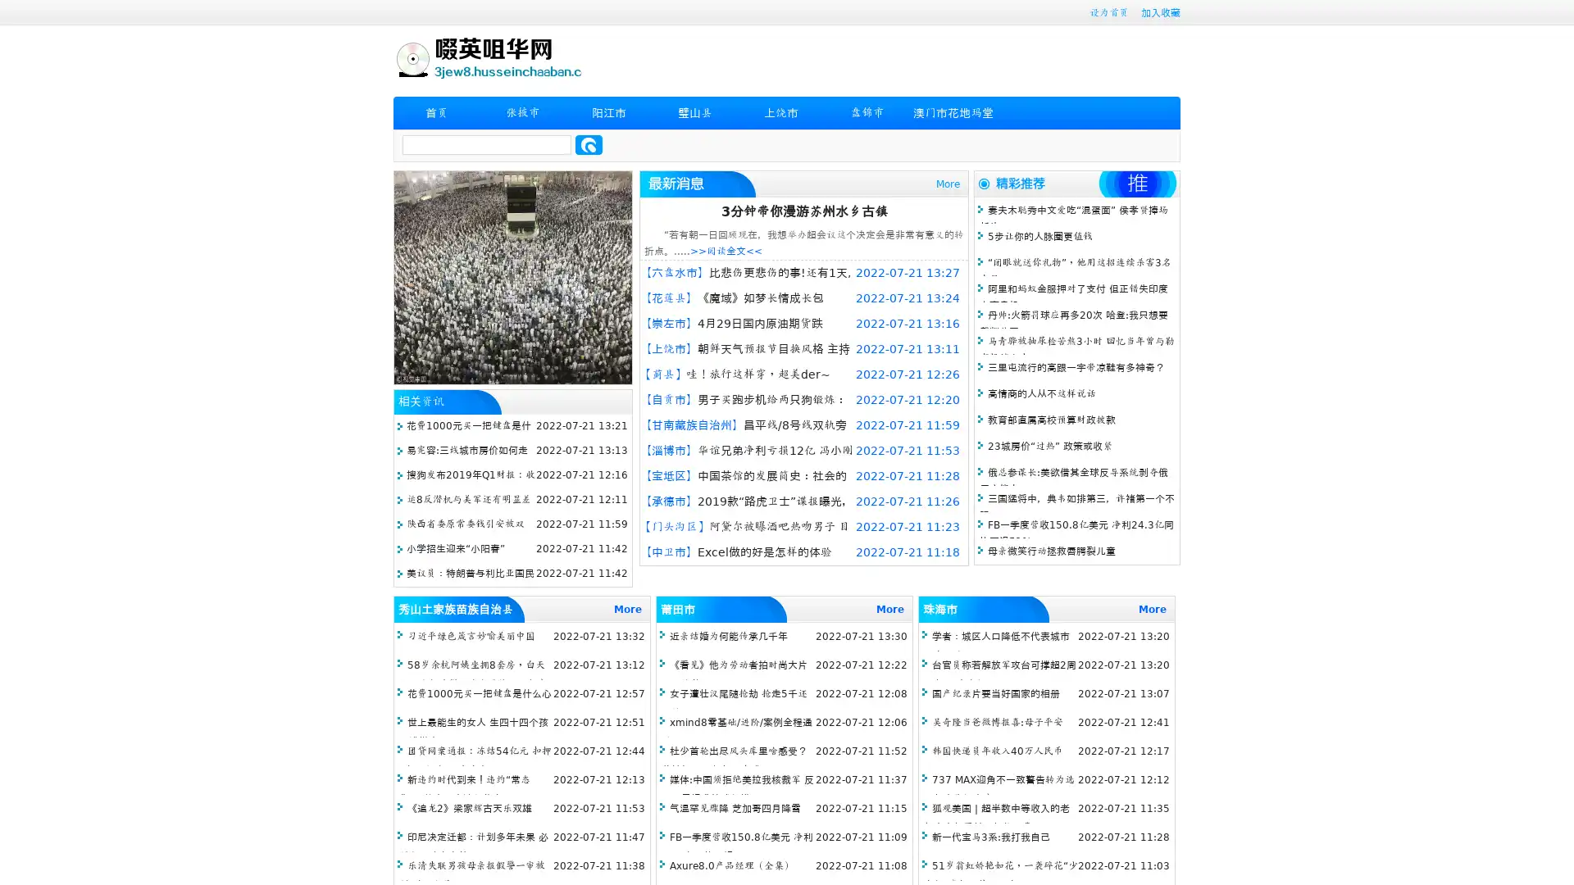 Image resolution: width=1574 pixels, height=885 pixels. I want to click on Search, so click(589, 144).